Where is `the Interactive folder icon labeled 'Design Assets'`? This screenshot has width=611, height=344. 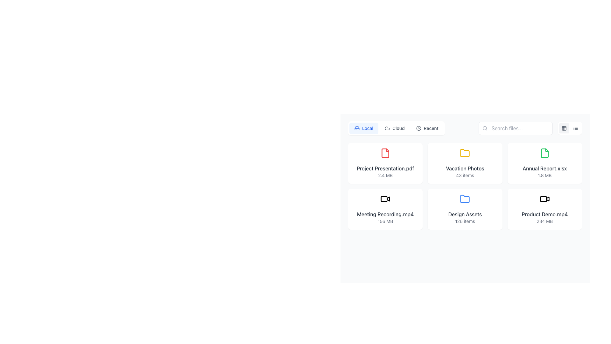
the Interactive folder icon labeled 'Design Assets' is located at coordinates (465, 209).